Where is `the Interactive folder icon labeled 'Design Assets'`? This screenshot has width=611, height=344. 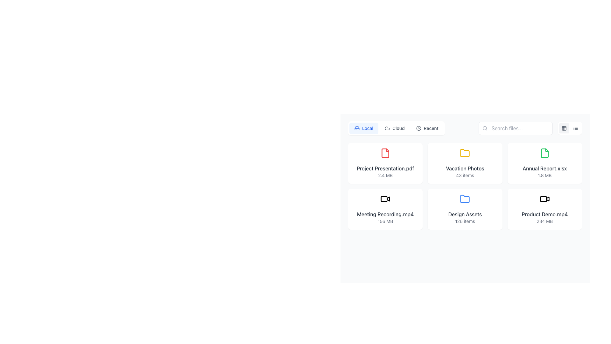
the Interactive folder icon labeled 'Design Assets' is located at coordinates (465, 209).